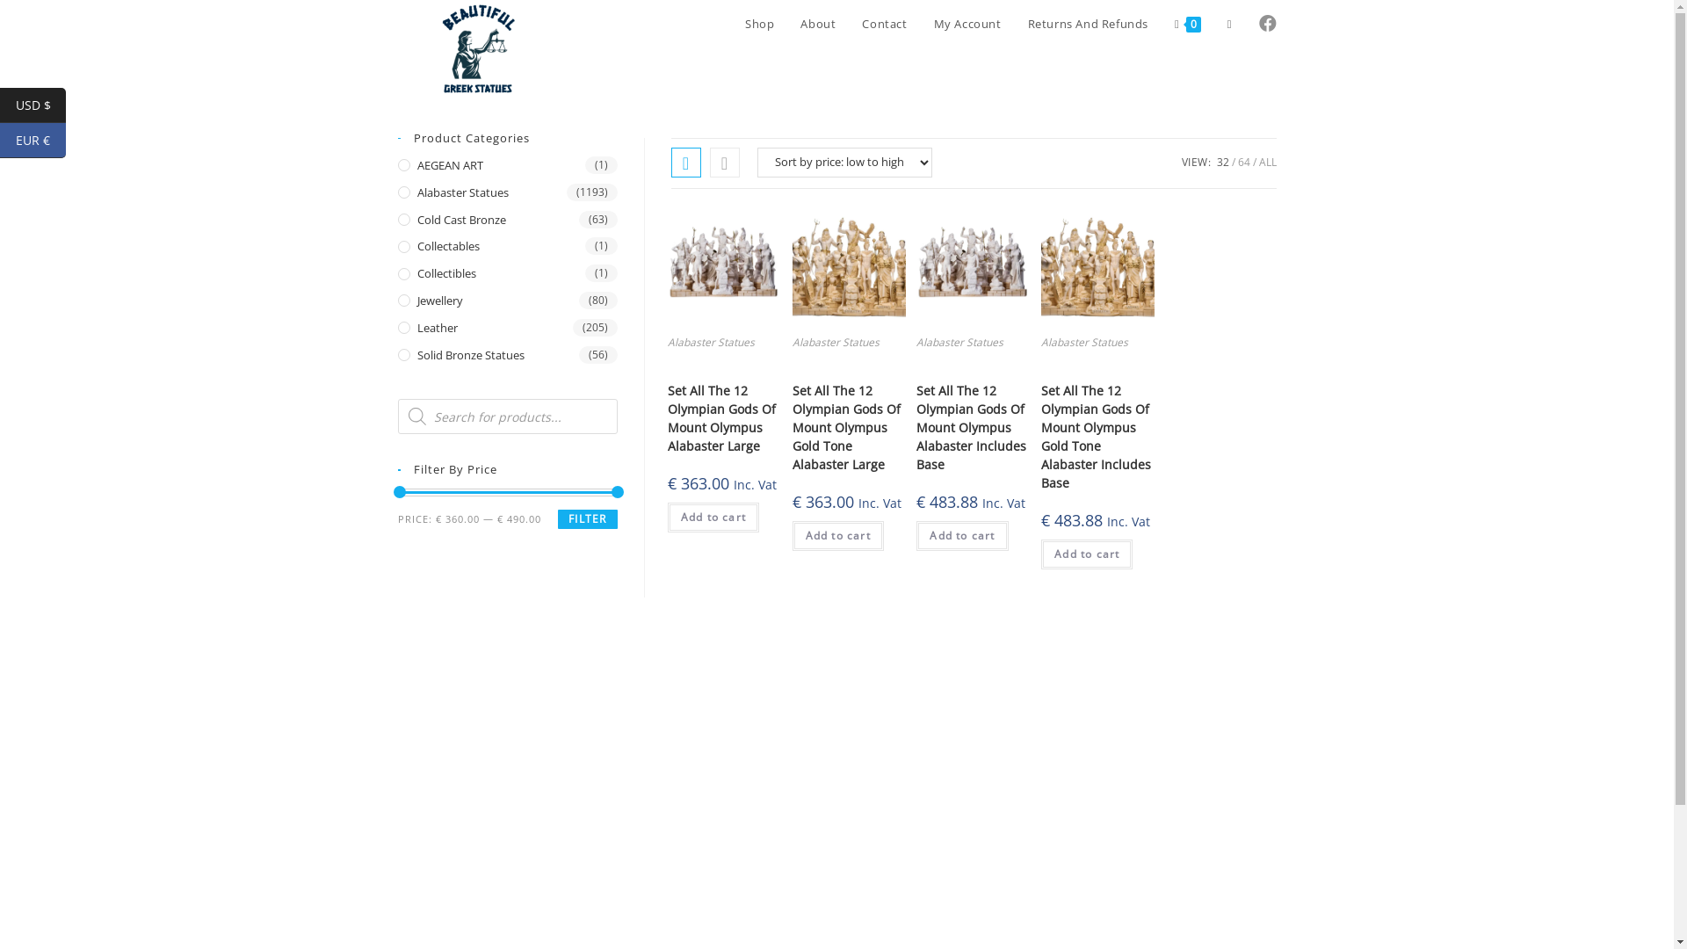  Describe the element at coordinates (587, 518) in the screenshot. I see `'FILTER'` at that location.